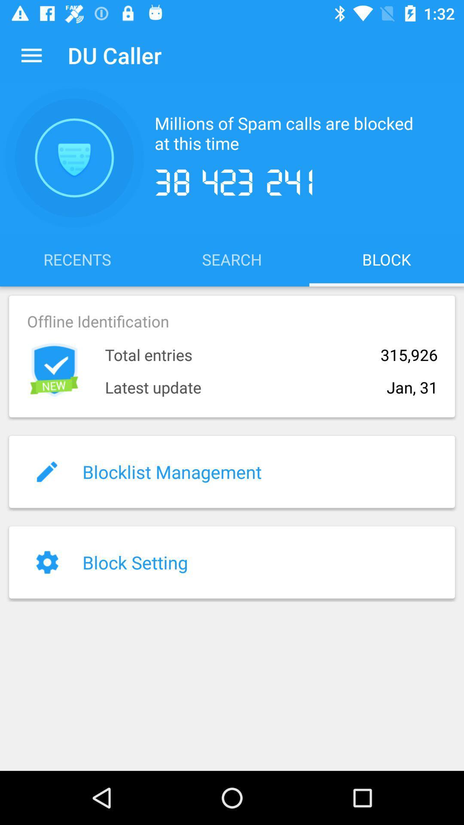 The height and width of the screenshot is (825, 464). I want to click on app next to du caller, so click(31, 55).